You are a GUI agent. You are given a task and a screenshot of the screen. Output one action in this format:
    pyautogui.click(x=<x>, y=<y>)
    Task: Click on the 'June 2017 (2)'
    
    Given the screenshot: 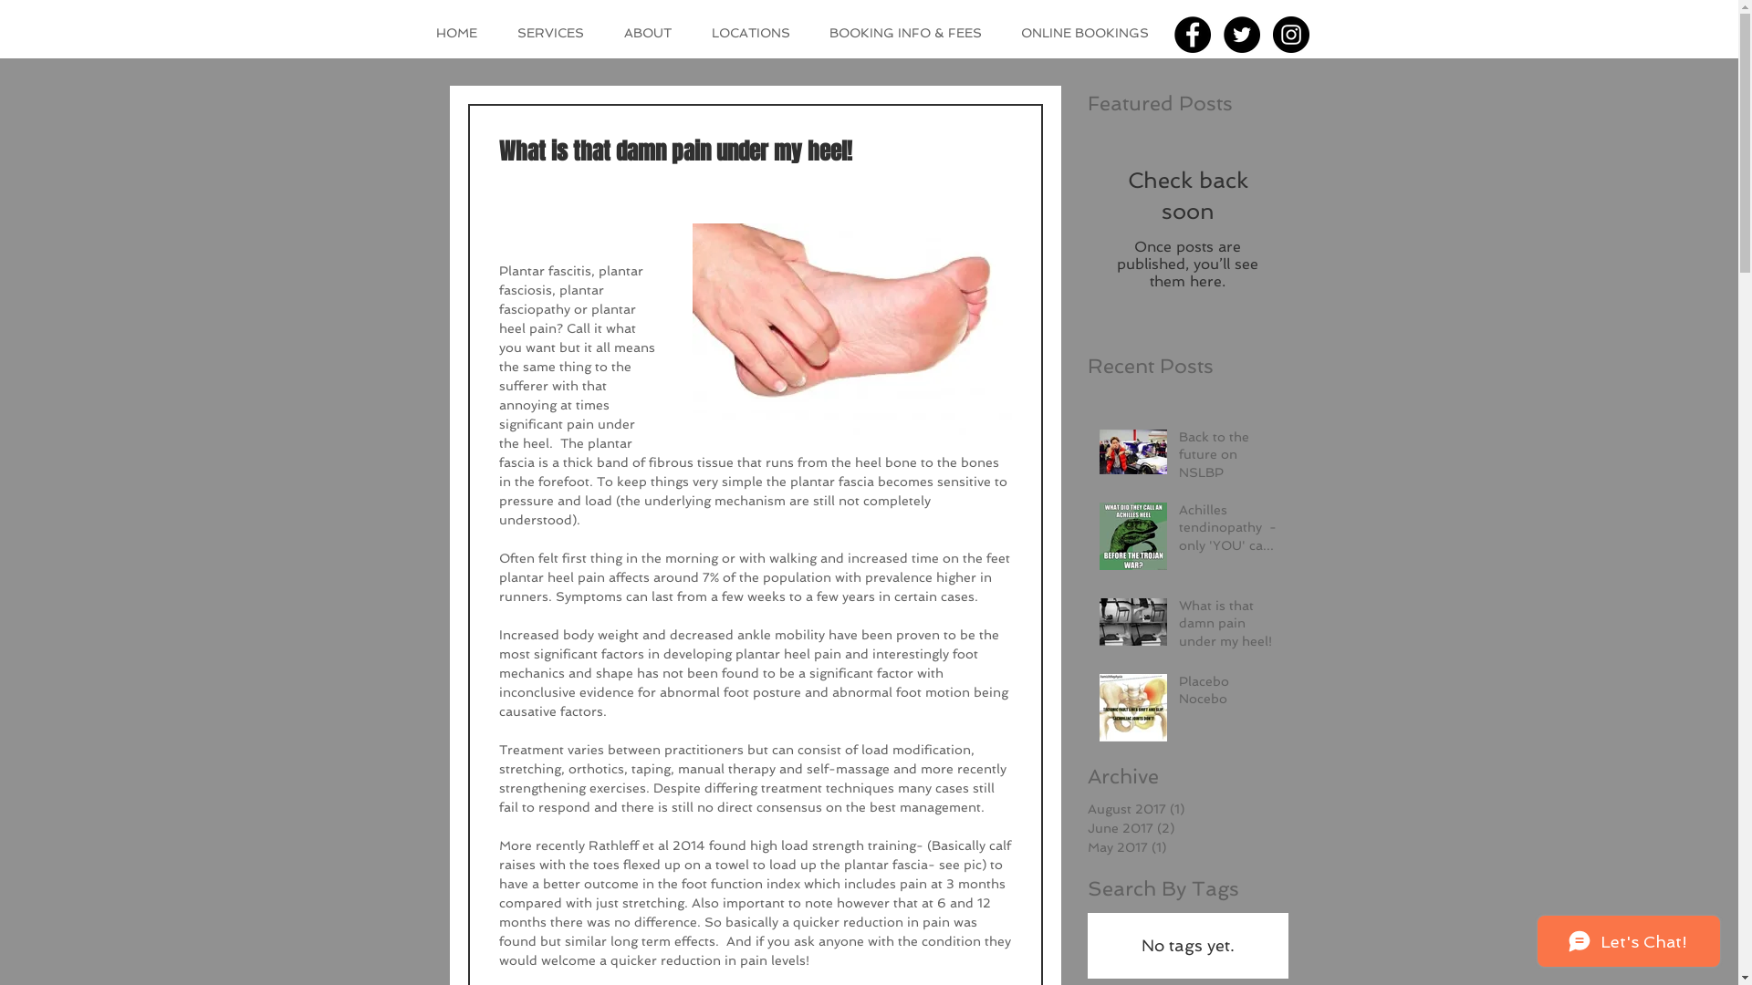 What is the action you would take?
    pyautogui.click(x=1183, y=828)
    